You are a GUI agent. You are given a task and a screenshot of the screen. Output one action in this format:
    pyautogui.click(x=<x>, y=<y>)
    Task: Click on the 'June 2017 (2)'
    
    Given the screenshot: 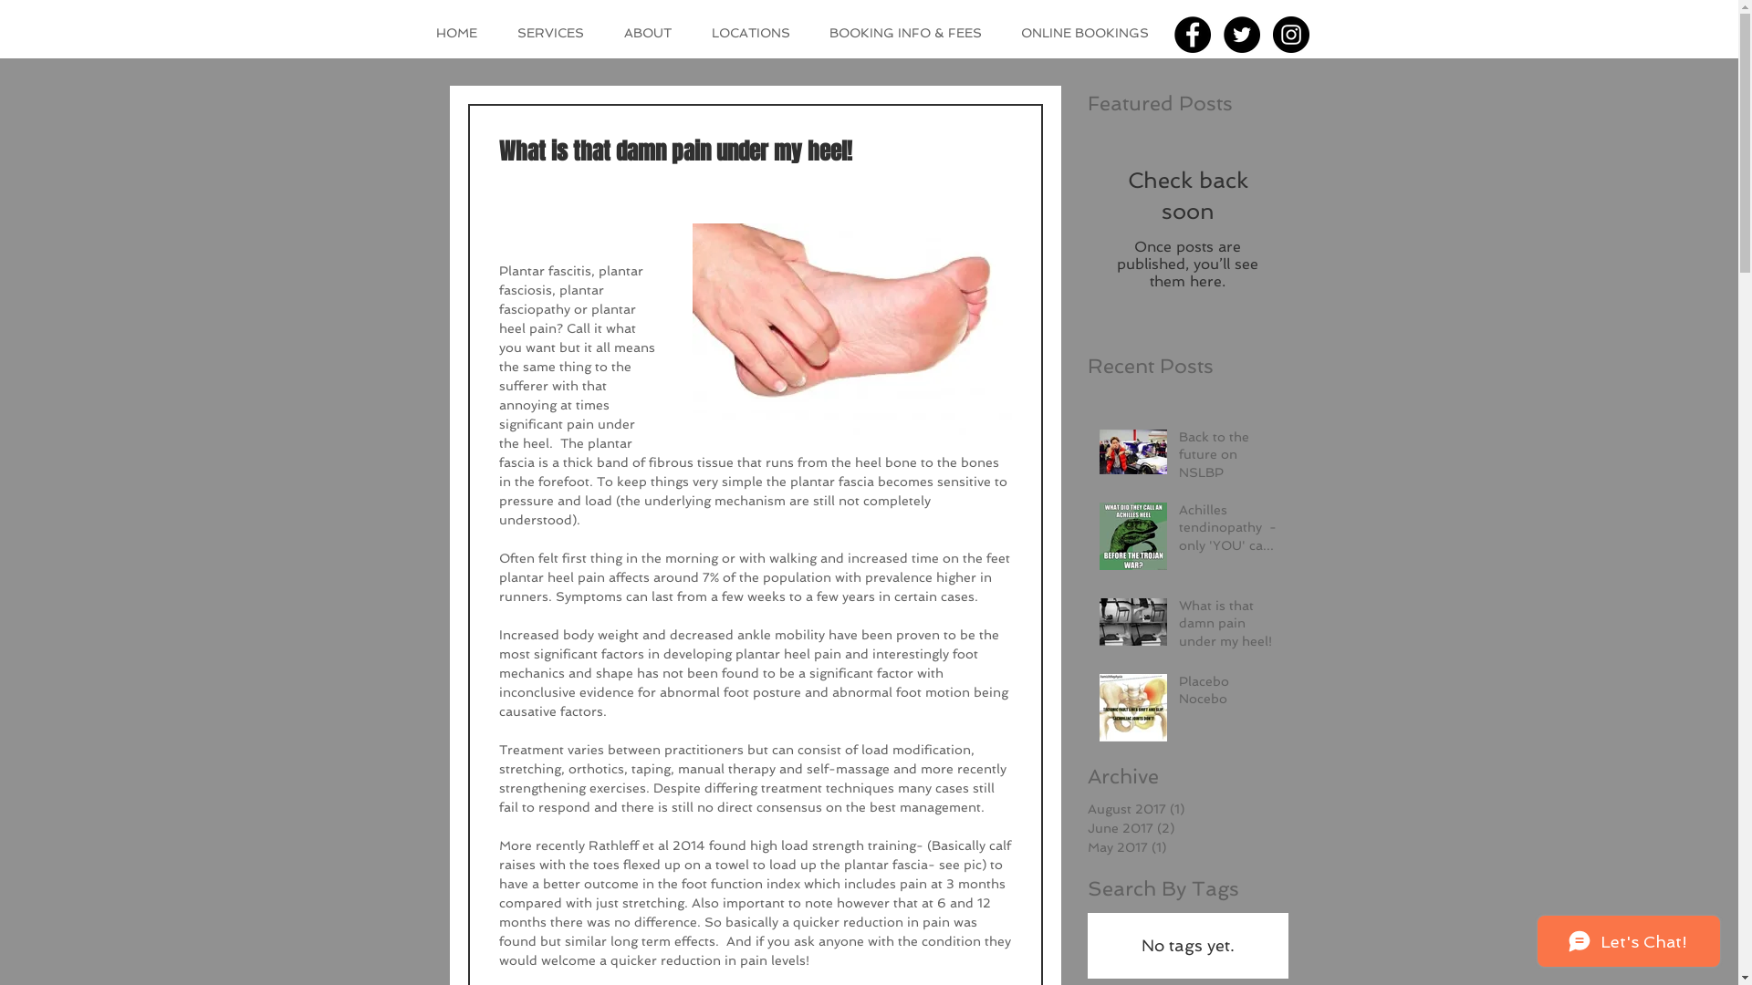 What is the action you would take?
    pyautogui.click(x=1183, y=828)
    